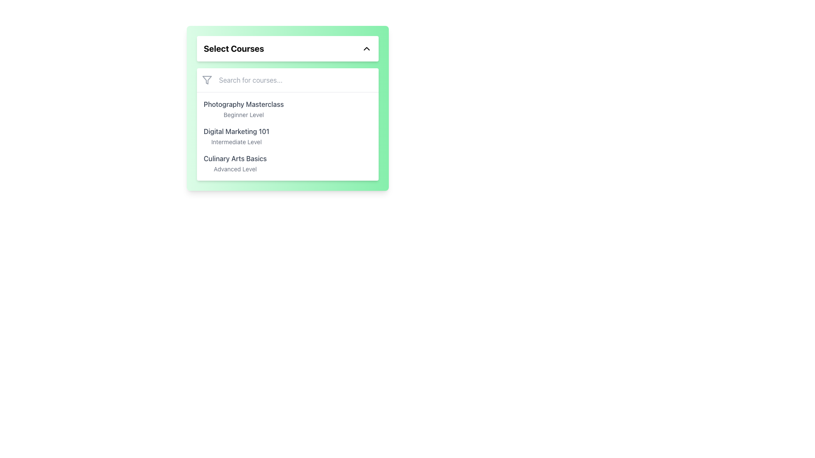  I want to click on the text label displaying 'Intermediate Level' which is styled with a smaller font size and gray color, located beneath 'Digital Marketing 101' in the dropdown menu layout, so click(236, 141).